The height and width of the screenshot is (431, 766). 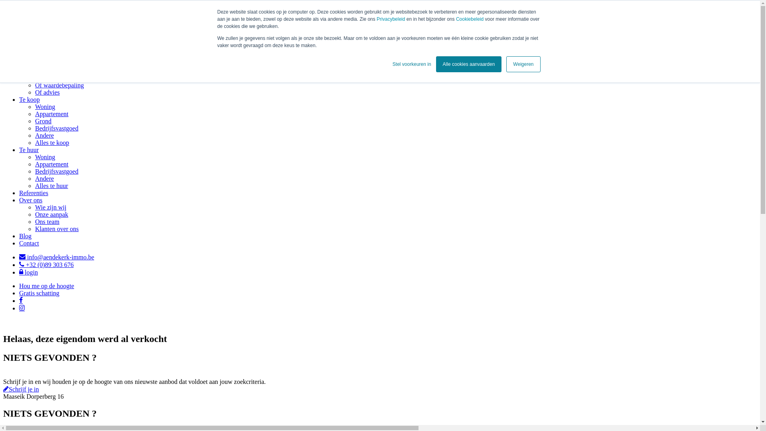 What do you see at coordinates (59, 85) in the screenshot?
I see `'Of waardebepaling'` at bounding box center [59, 85].